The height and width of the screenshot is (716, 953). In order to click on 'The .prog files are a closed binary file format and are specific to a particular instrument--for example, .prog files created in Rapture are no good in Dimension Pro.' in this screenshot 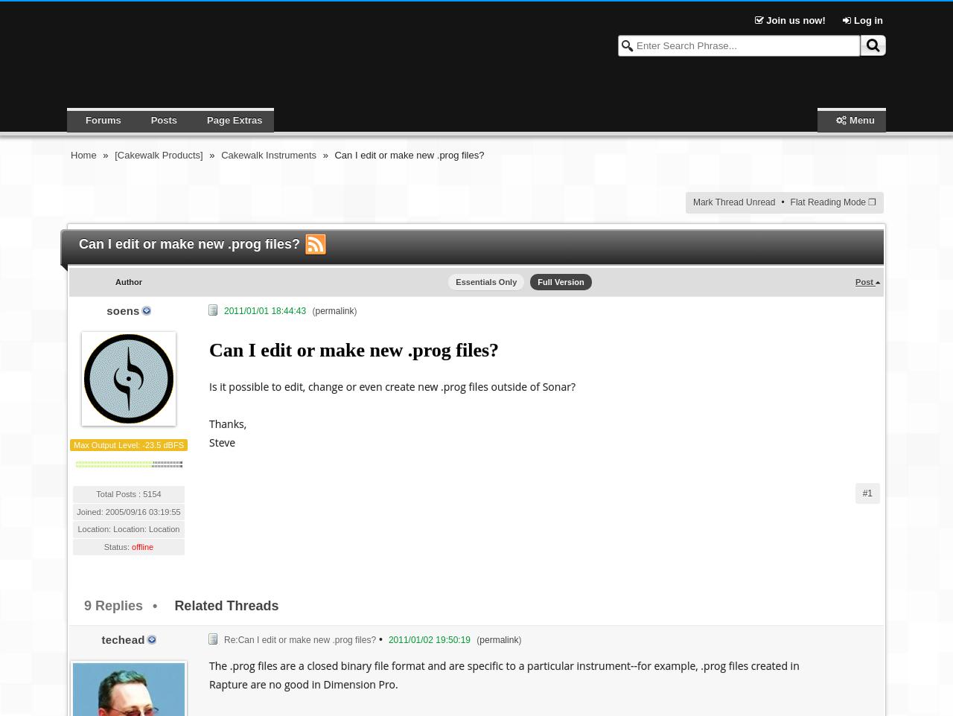, I will do `click(503, 674)`.